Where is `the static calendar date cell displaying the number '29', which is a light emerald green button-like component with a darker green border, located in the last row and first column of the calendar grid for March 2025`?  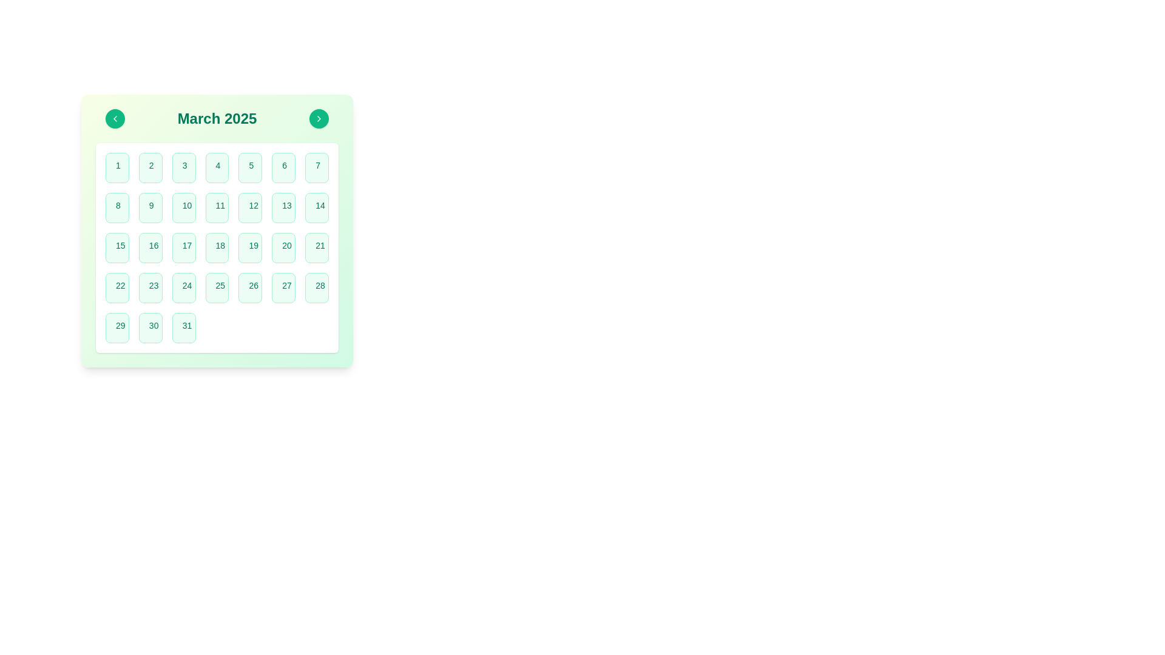
the static calendar date cell displaying the number '29', which is a light emerald green button-like component with a darker green border, located in the last row and first column of the calendar grid for March 2025 is located at coordinates (117, 327).